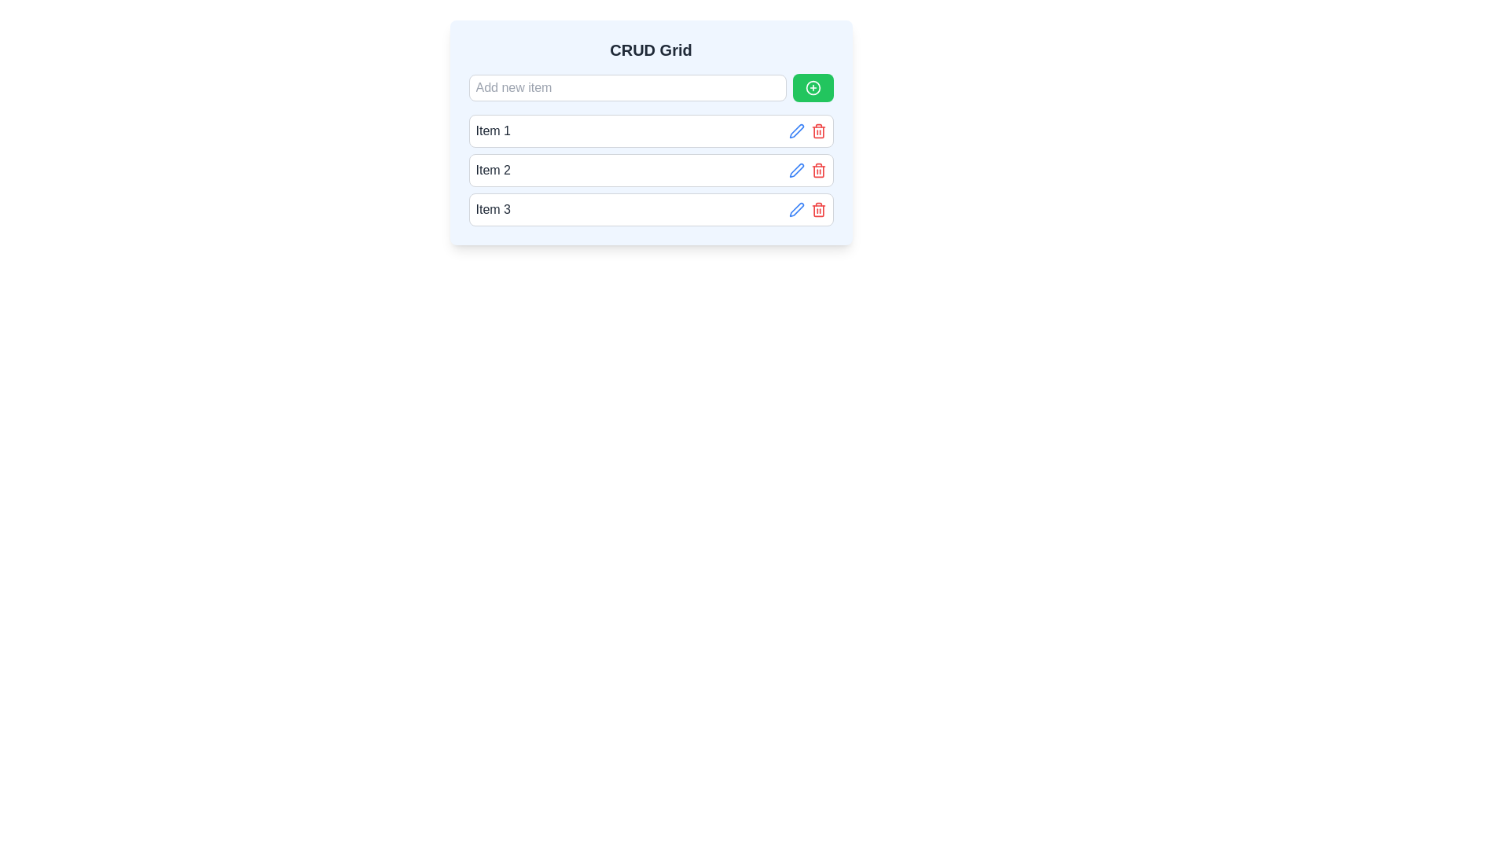  What do you see at coordinates (817, 208) in the screenshot?
I see `the delete icon button located at the far right of the third item in the list` at bounding box center [817, 208].